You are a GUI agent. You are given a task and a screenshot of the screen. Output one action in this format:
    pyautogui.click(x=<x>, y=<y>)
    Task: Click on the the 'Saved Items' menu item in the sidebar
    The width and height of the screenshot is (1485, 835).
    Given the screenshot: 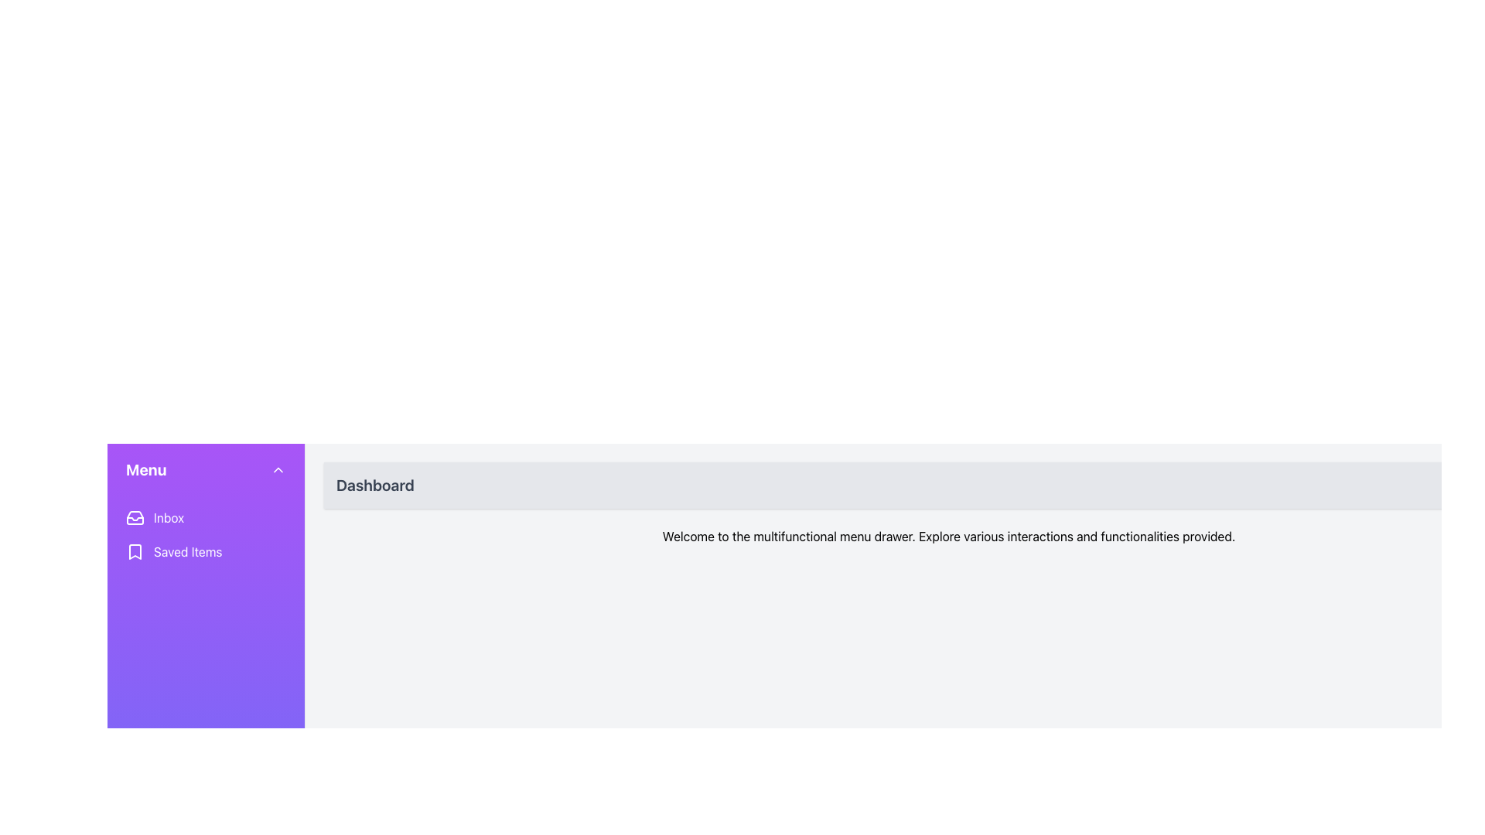 What is the action you would take?
    pyautogui.click(x=205, y=550)
    